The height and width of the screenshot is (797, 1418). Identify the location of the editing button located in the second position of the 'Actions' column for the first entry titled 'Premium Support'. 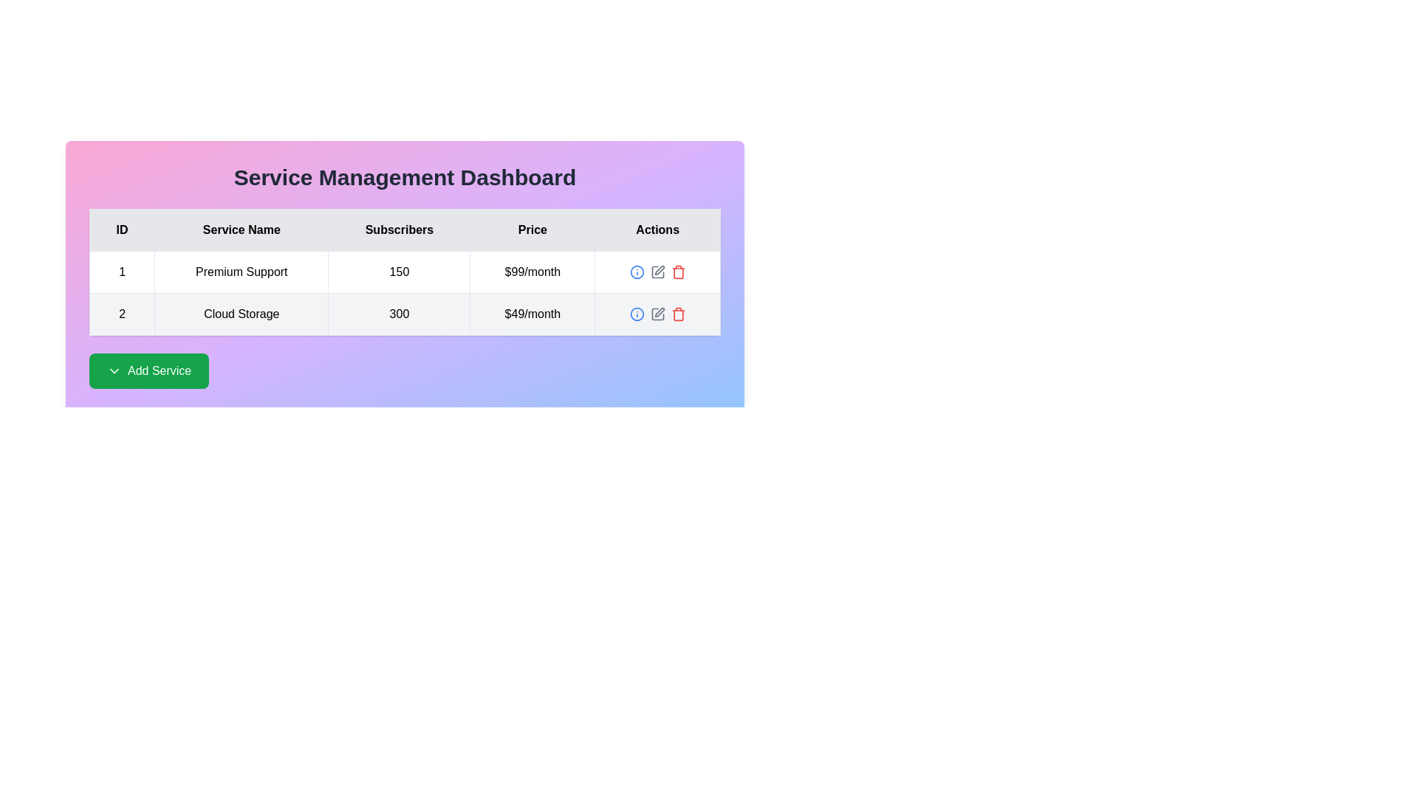
(657, 272).